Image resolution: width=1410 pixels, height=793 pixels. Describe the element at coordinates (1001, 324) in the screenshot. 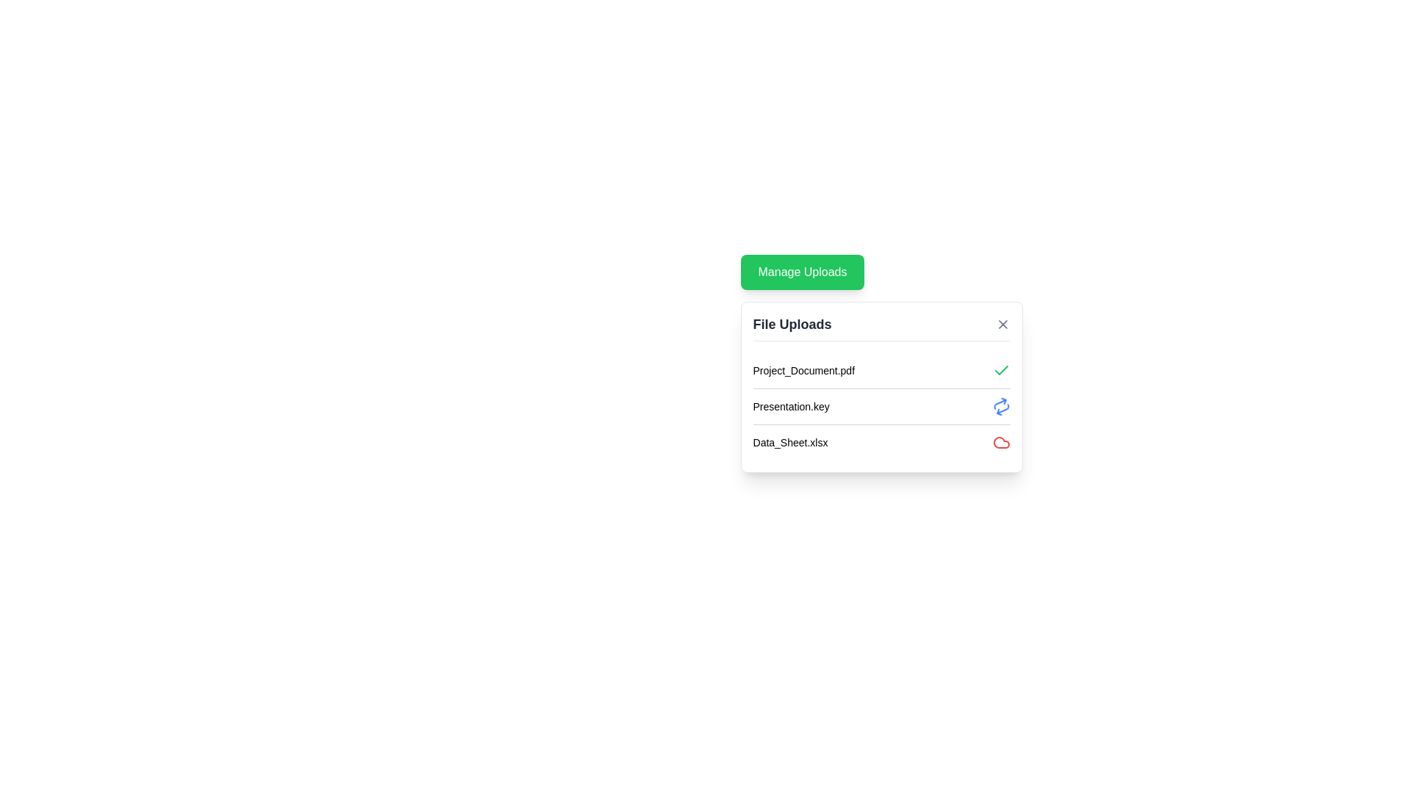

I see `the interactive button` at that location.